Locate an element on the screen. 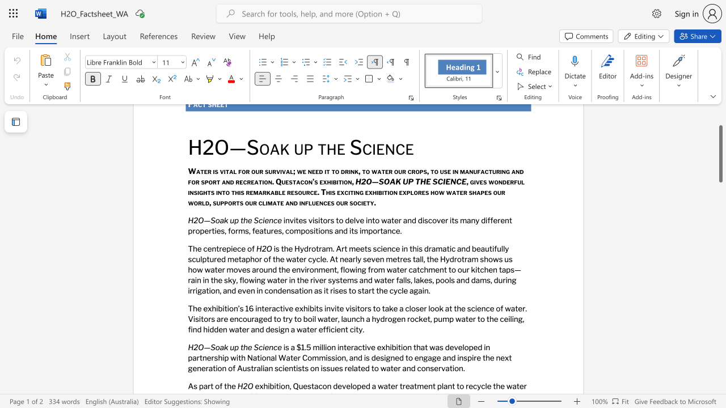  the scrollbar and move up 130 pixels is located at coordinates (720, 154).